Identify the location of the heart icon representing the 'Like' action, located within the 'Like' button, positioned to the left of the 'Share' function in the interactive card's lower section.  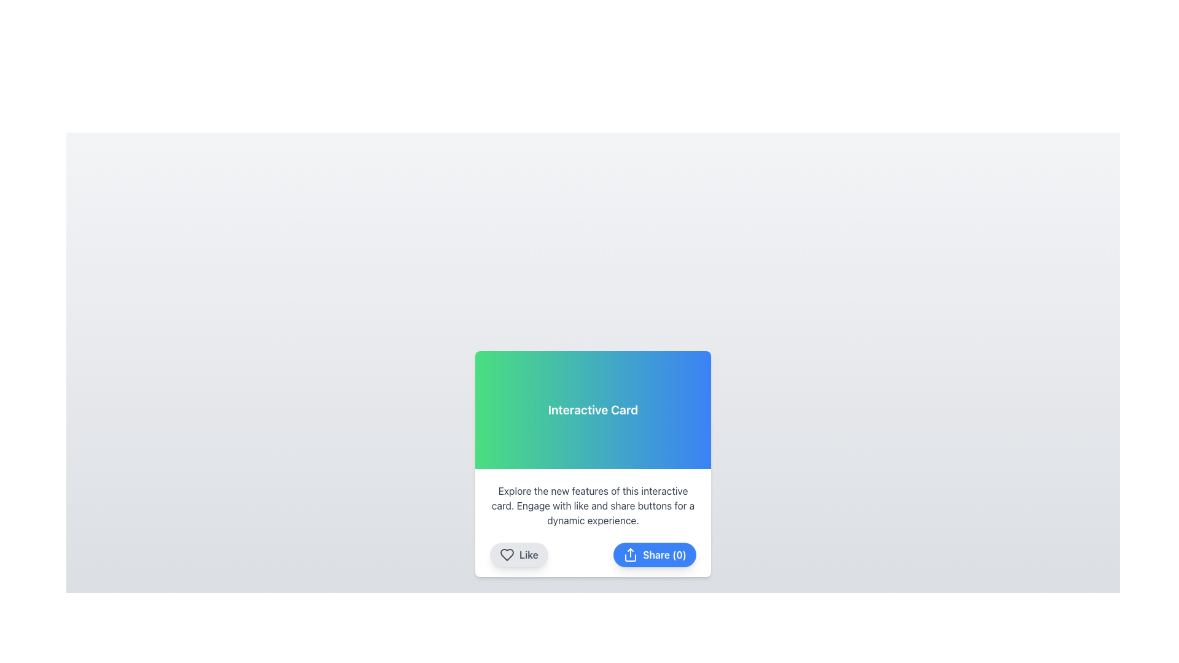
(507, 554).